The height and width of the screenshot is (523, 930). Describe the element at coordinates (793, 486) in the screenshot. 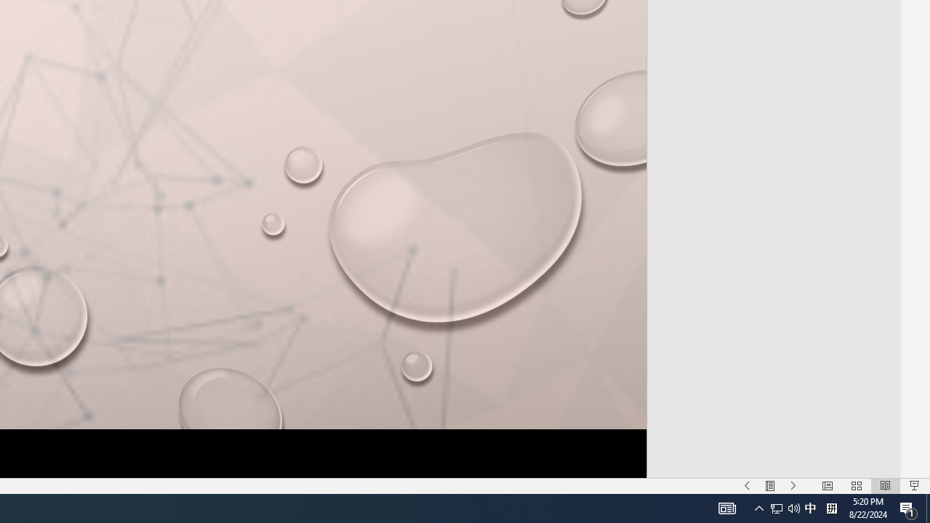

I see `'Slide Show Next On'` at that location.